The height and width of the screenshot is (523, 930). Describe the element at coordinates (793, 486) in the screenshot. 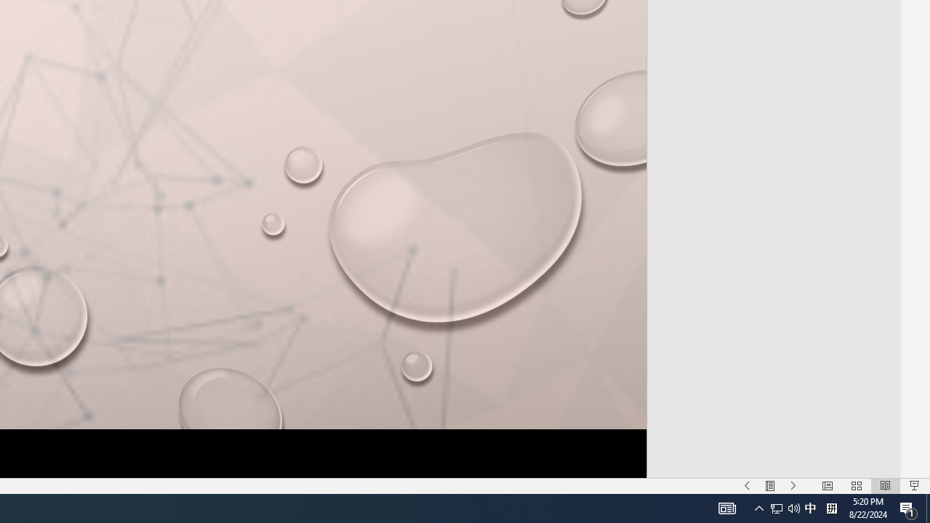

I see `'Slide Show Next On'` at that location.